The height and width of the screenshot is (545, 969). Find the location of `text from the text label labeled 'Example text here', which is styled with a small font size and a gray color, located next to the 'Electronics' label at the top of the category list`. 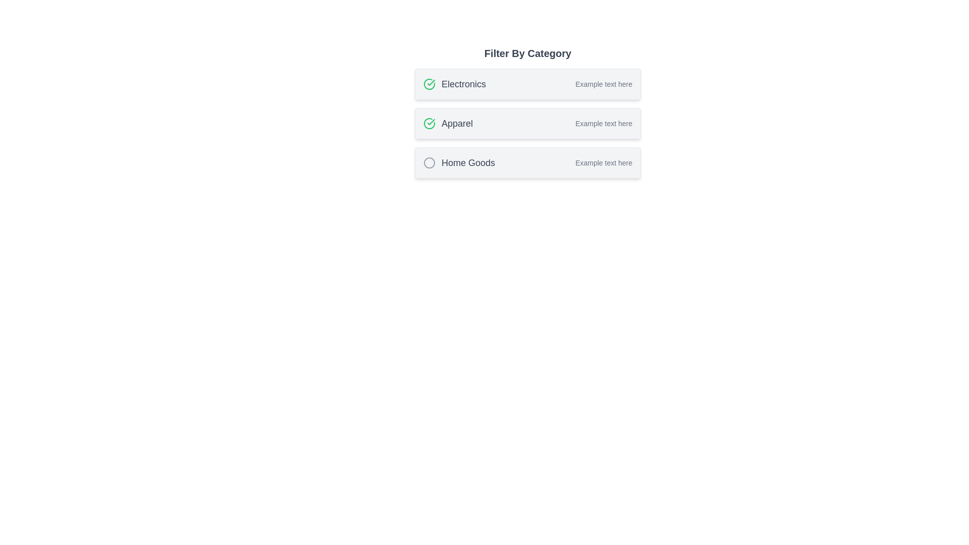

text from the text label labeled 'Example text here', which is styled with a small font size and a gray color, located next to the 'Electronics' label at the top of the category list is located at coordinates (604, 83).